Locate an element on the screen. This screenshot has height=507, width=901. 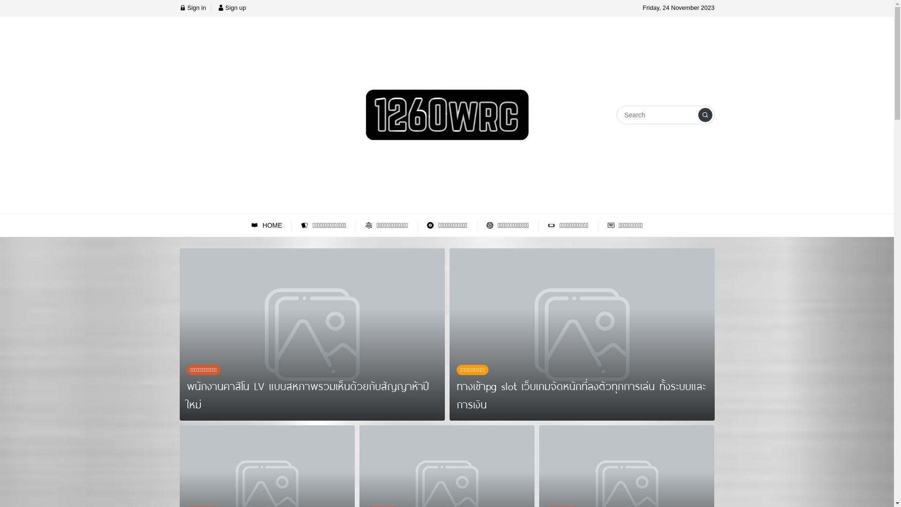
'HOME' is located at coordinates (266, 225).